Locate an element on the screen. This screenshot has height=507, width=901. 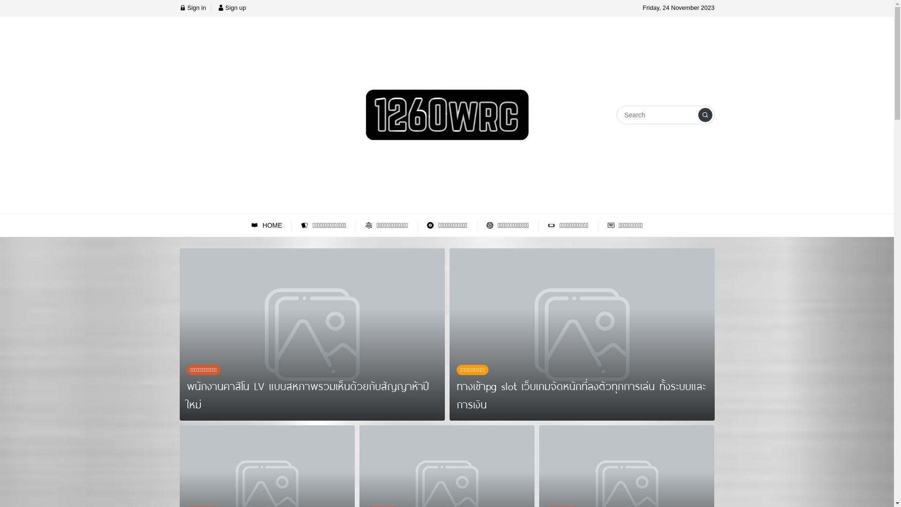
'HOME' is located at coordinates (266, 225).